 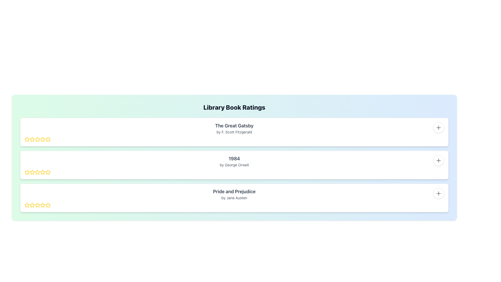 I want to click on the yellow star icon with a white center, which is the second star in the rating scale for 'The Great Gatsby', so click(x=37, y=139).